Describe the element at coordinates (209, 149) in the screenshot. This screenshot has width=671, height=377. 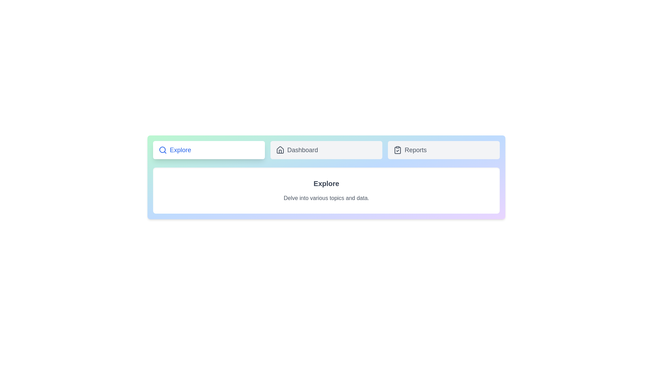
I see `the tab identified by Explore` at that location.